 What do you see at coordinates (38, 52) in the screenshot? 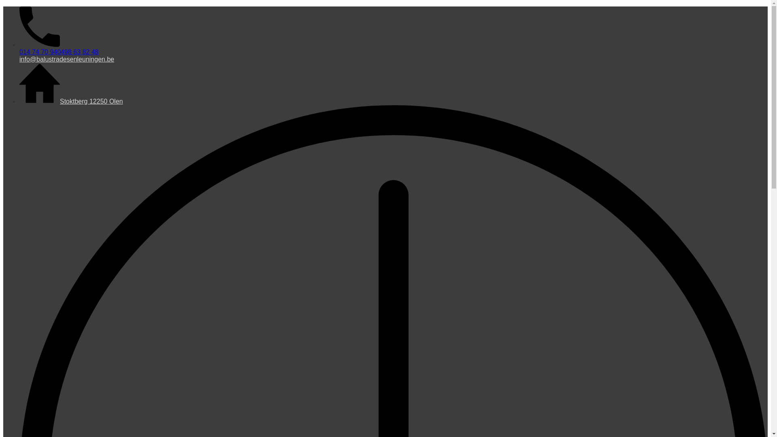
I see `'014 74 70 94'` at bounding box center [38, 52].